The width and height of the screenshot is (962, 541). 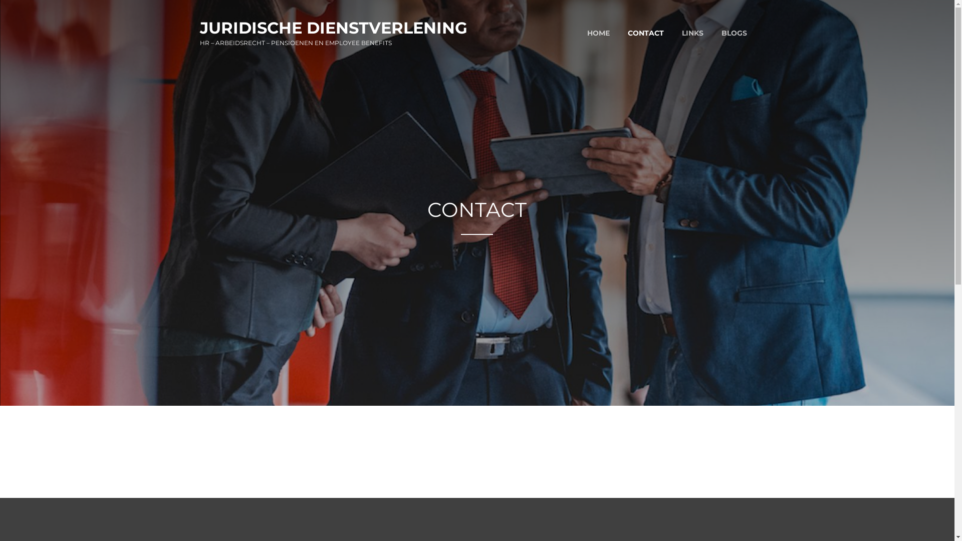 What do you see at coordinates (645, 33) in the screenshot?
I see `'CONTACT'` at bounding box center [645, 33].